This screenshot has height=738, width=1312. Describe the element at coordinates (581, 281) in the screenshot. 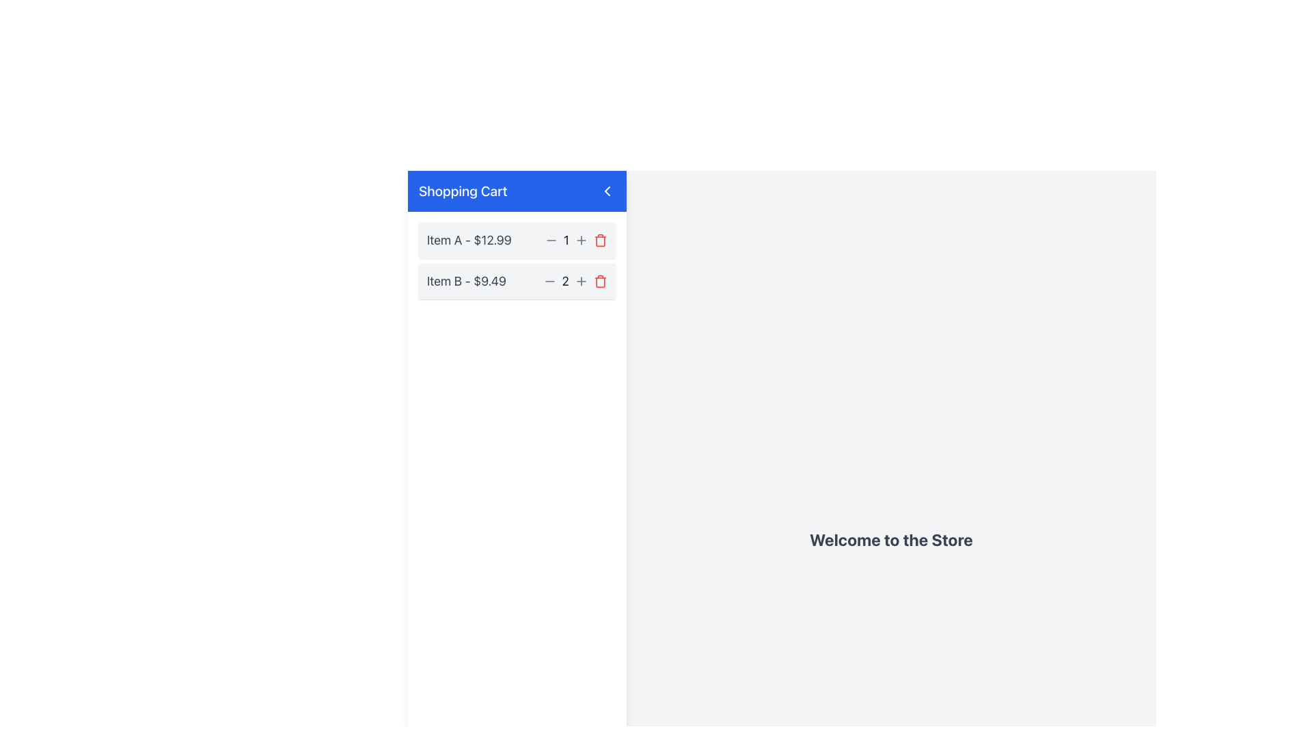

I see `the increment button located to the right of the quantity indicator '2' for the second item in the shopping cart` at that location.